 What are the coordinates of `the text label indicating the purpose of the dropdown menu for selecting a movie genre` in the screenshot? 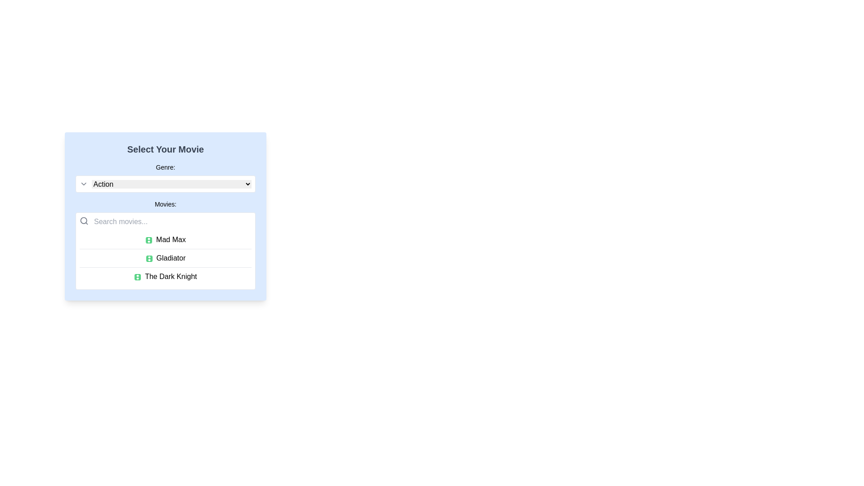 It's located at (166, 167).